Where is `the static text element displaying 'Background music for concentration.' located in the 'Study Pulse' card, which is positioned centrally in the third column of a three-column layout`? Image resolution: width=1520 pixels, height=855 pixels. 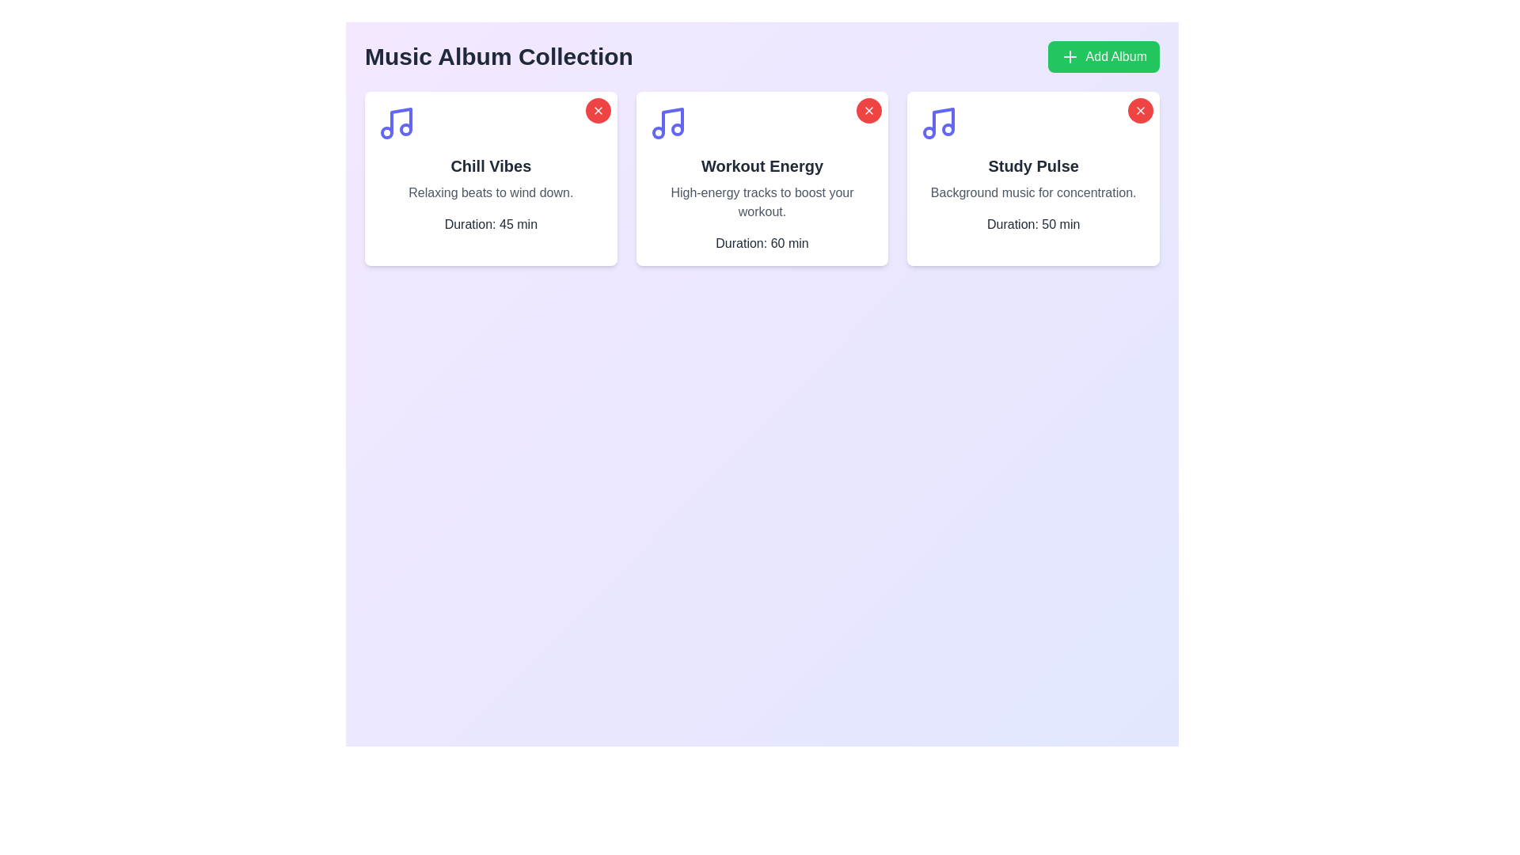 the static text element displaying 'Background music for concentration.' located in the 'Study Pulse' card, which is positioned centrally in the third column of a three-column layout is located at coordinates (1033, 192).